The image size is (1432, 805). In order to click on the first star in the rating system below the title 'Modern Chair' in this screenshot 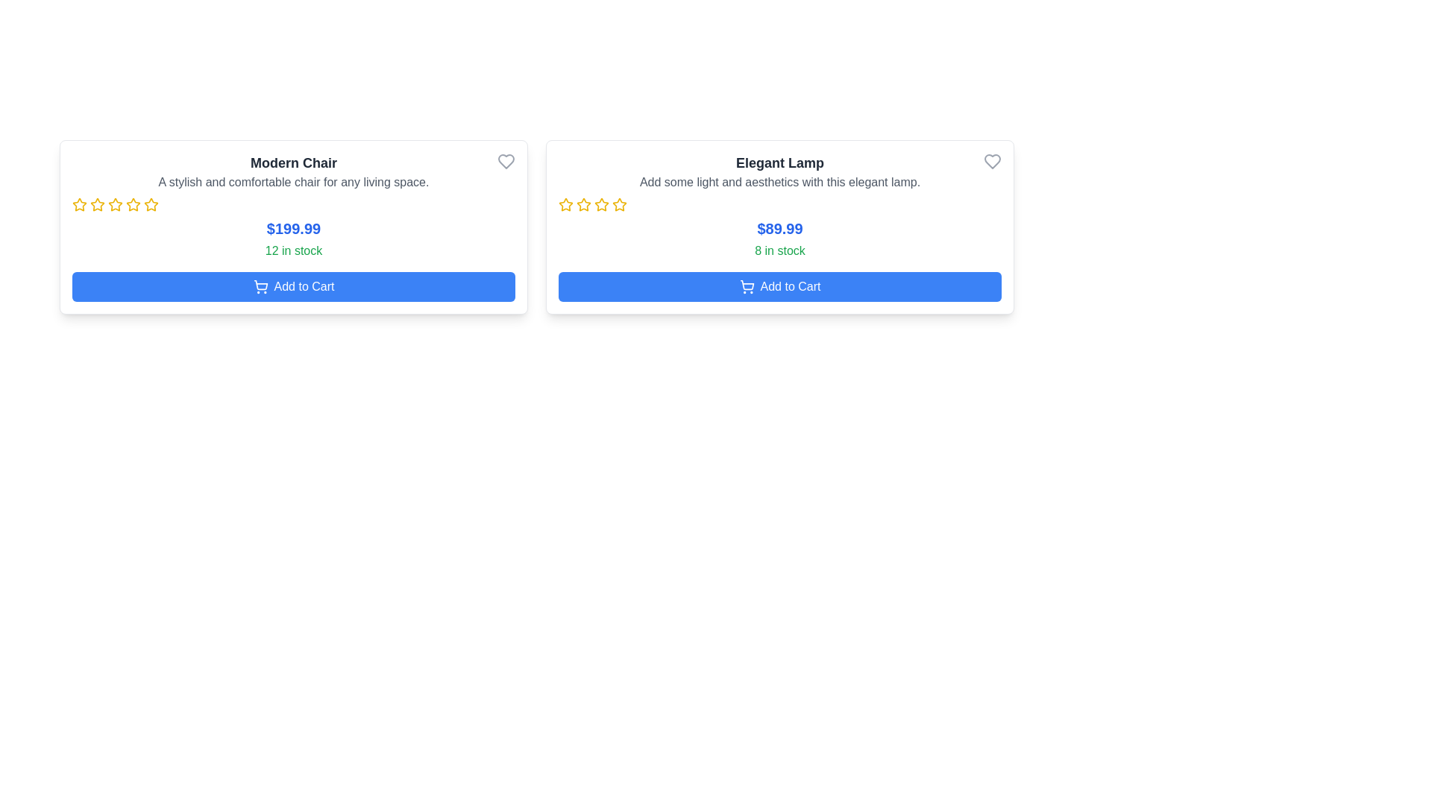, I will do `click(78, 204)`.